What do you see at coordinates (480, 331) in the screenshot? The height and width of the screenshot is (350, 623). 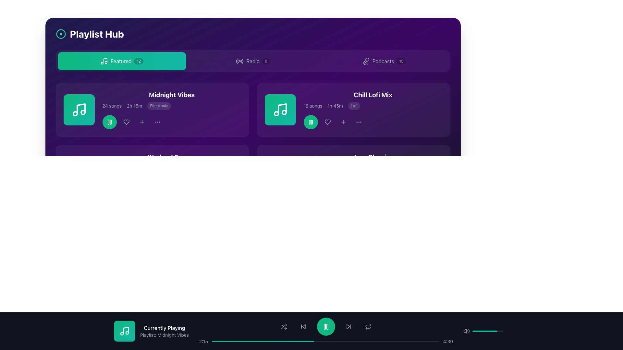 I see `the slider` at bounding box center [480, 331].